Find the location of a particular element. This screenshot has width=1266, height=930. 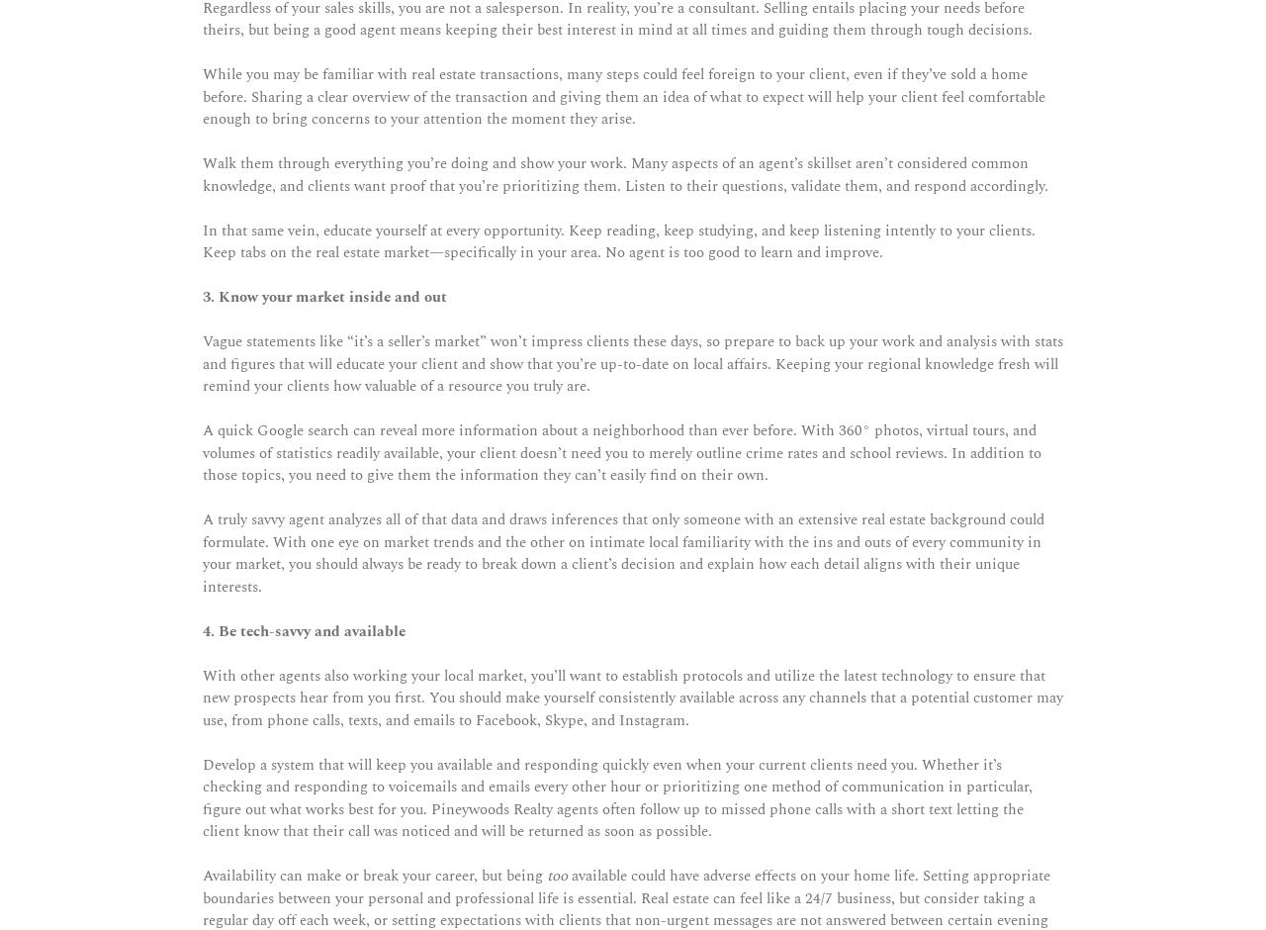

'Vague statements like “it’s a seller’s market” won’t impress clients these days, so prepare to back up your work and analysis with stats and figures that will educate your client and show that you’re up-to-date on local affairs. Keeping your regional knowledge fresh will remind your clients how valuable of a resource you truly are.' is located at coordinates (633, 363).